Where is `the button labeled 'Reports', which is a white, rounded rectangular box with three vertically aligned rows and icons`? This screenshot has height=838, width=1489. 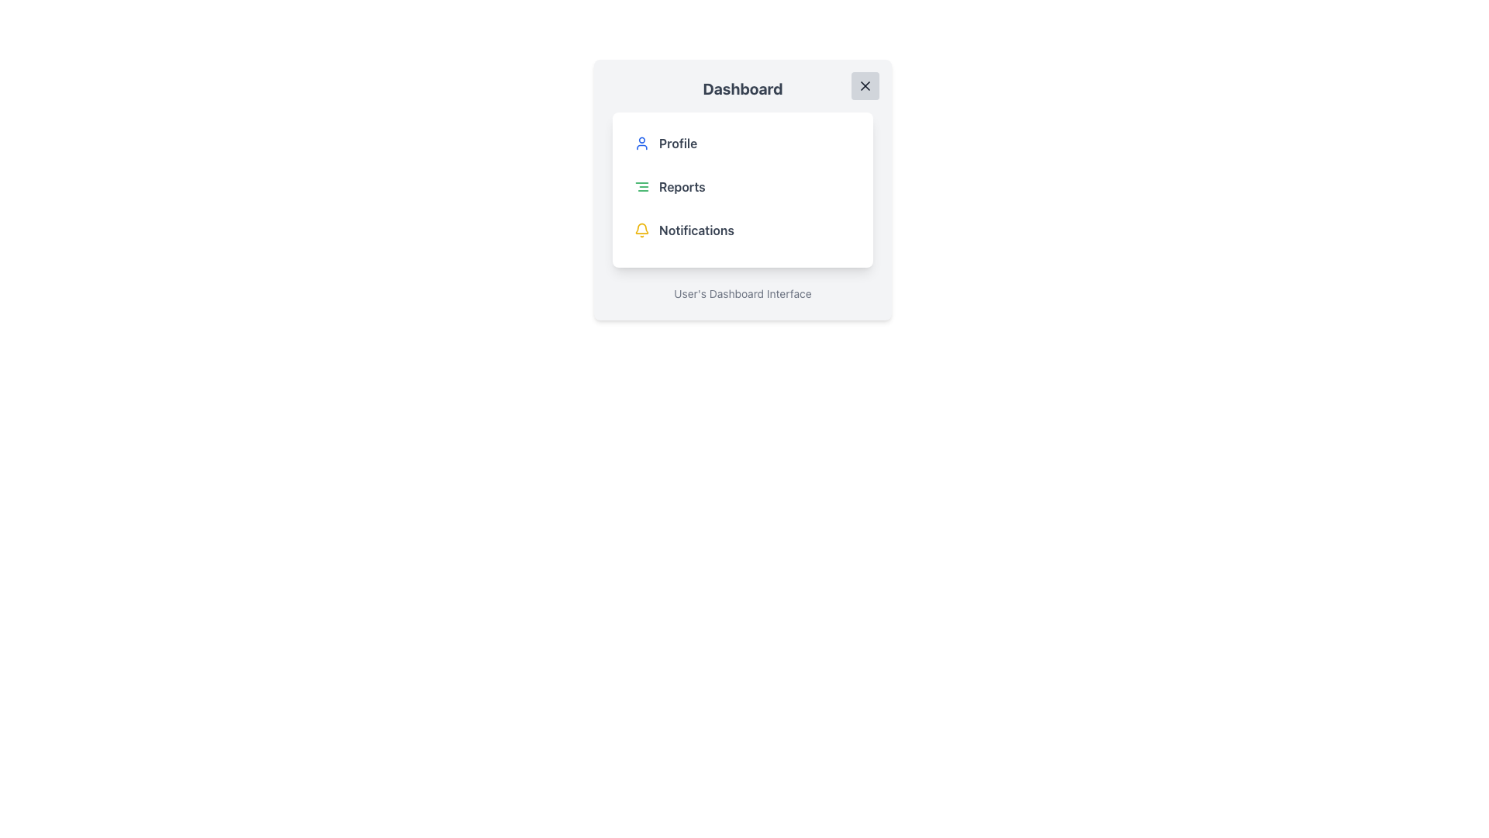
the button labeled 'Reports', which is a white, rounded rectangular box with three vertically aligned rows and icons is located at coordinates (742, 189).